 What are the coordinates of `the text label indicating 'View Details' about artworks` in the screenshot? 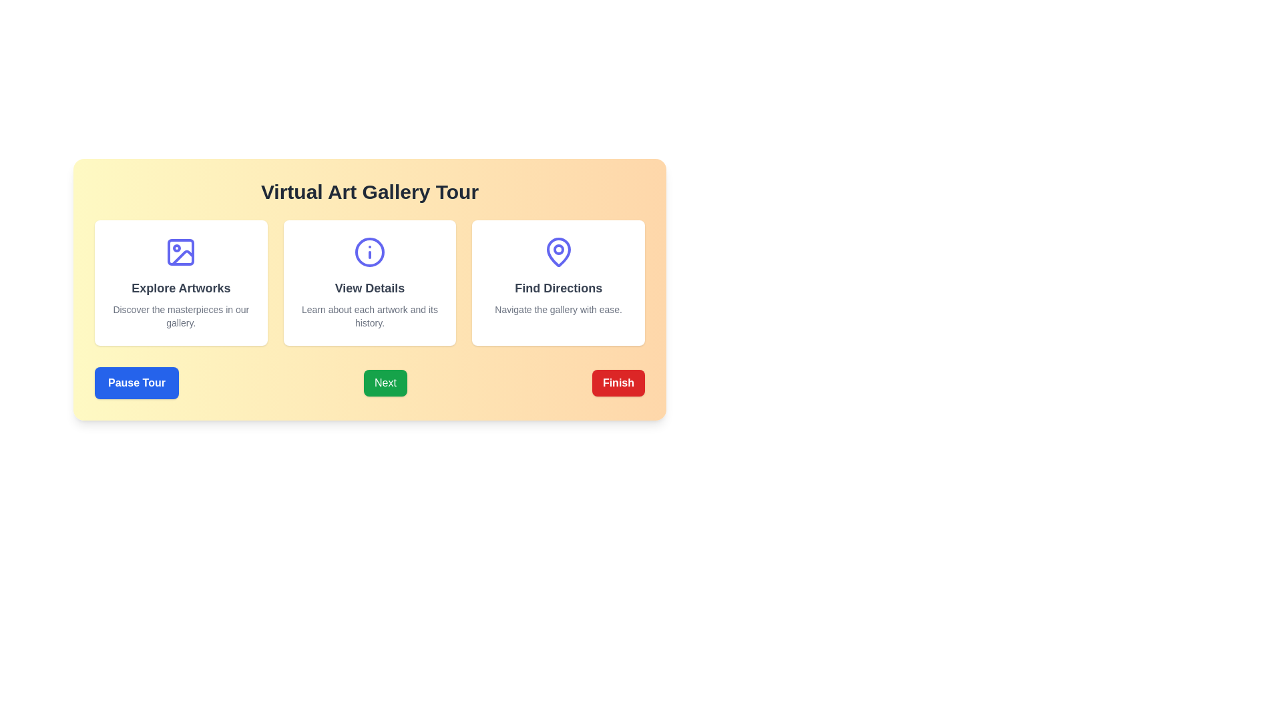 It's located at (369, 288).